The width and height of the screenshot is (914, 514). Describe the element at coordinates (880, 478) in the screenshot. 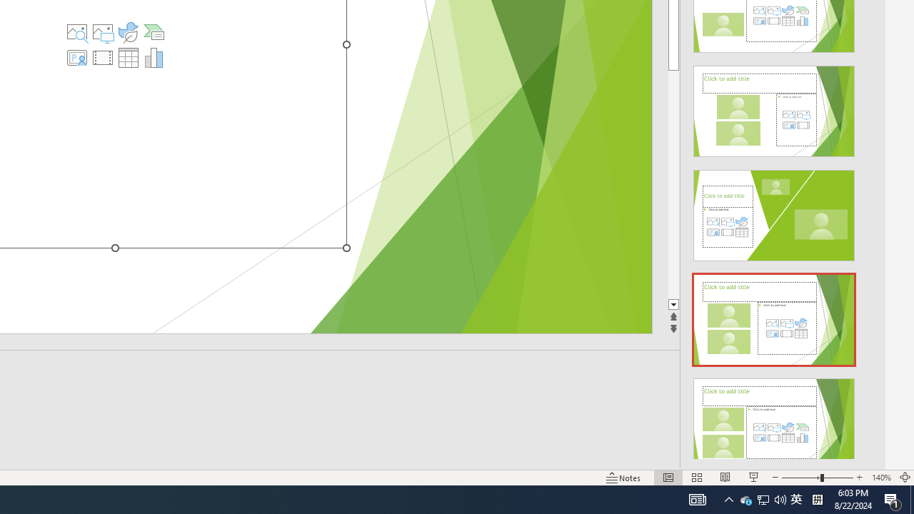

I see `'Zoom 140%'` at that location.